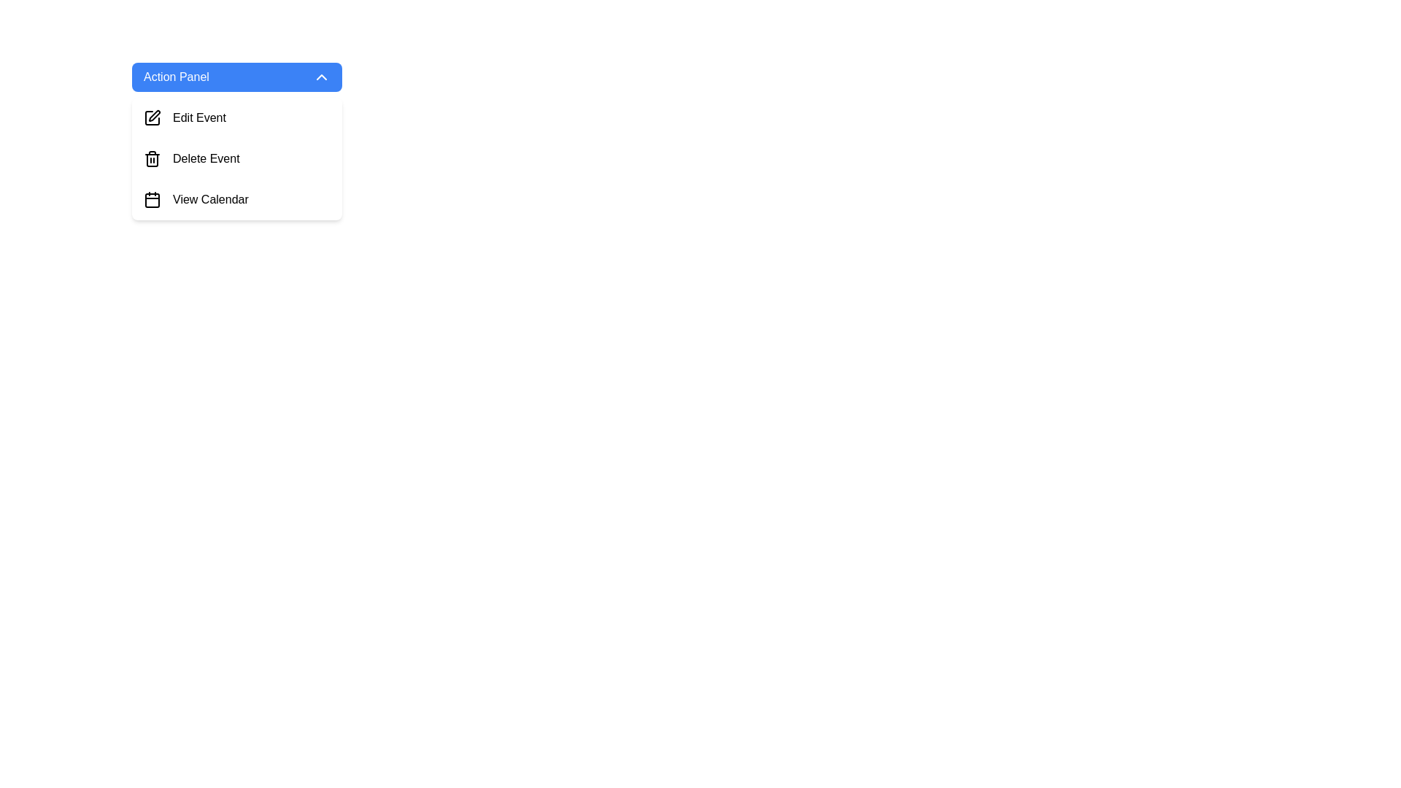 The image size is (1401, 788). What do you see at coordinates (153, 117) in the screenshot?
I see `the 'Edit Event' icon located in the 'Action Panel' dropdown, which is the first icon adjacent to the text 'Edit Event'` at bounding box center [153, 117].